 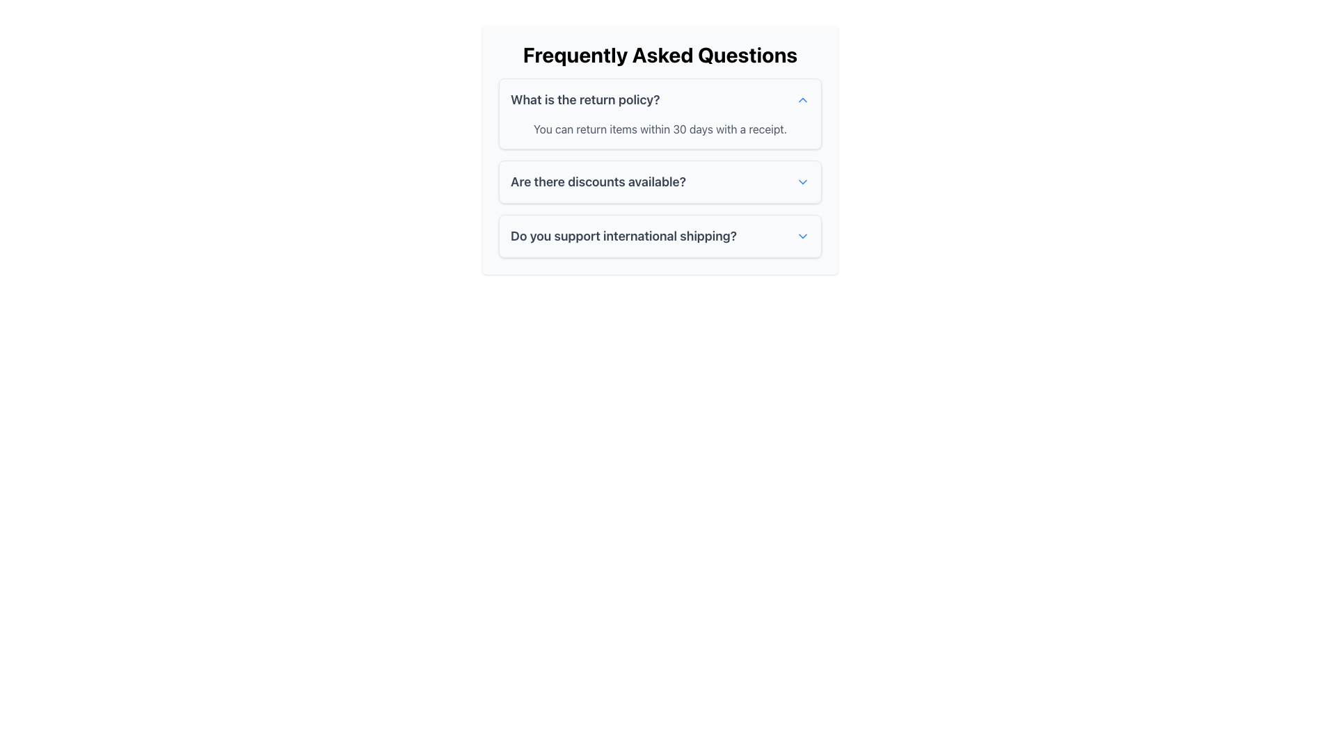 What do you see at coordinates (660, 168) in the screenshot?
I see `the second Collapsible FAQ item located in the 'Frequently Asked Questions' section` at bounding box center [660, 168].